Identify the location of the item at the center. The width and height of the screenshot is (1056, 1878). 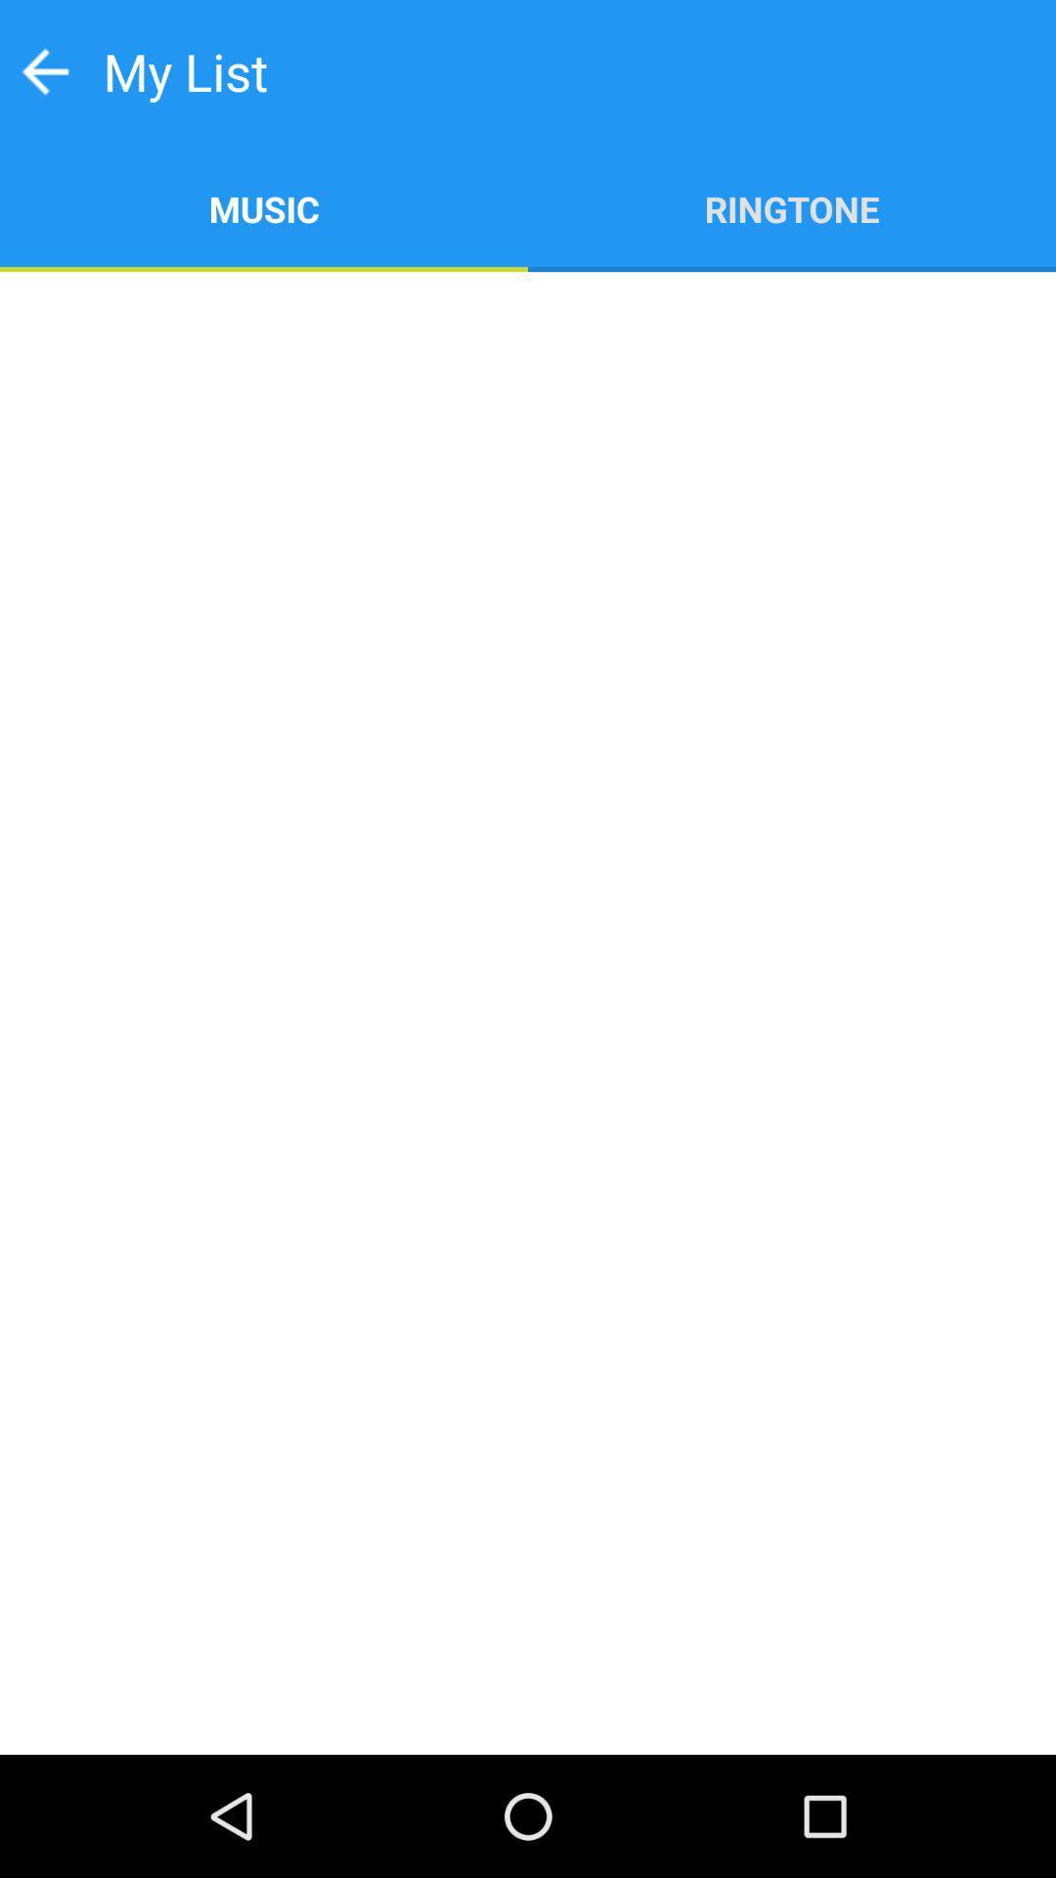
(528, 1013).